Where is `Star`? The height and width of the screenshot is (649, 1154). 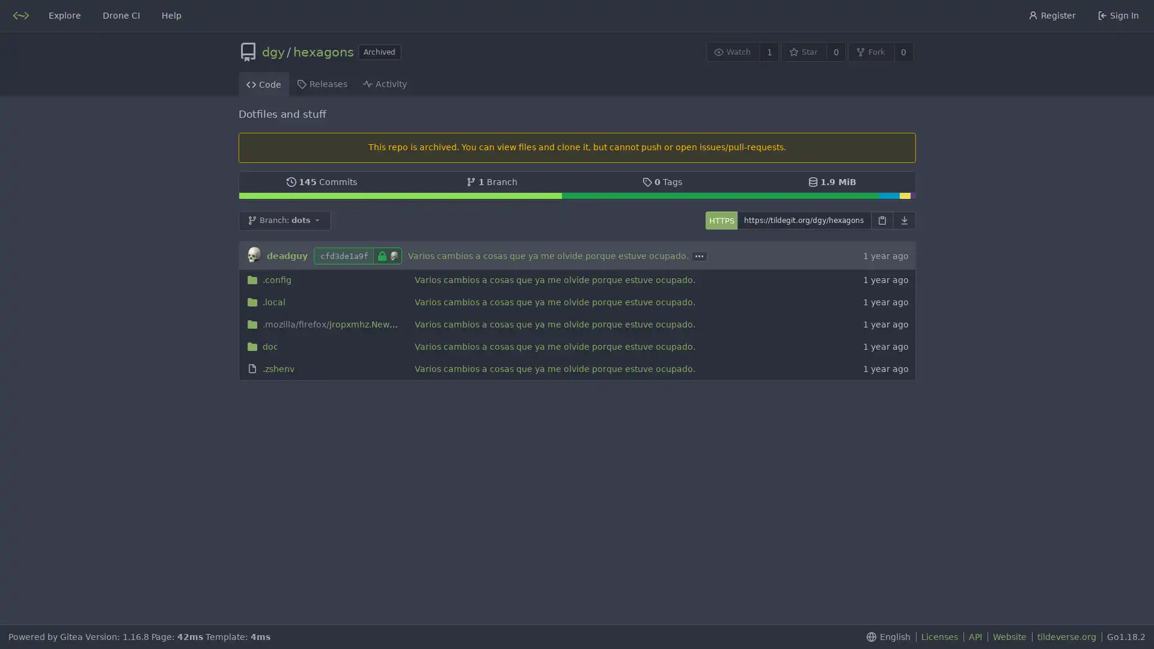 Star is located at coordinates (804, 51).